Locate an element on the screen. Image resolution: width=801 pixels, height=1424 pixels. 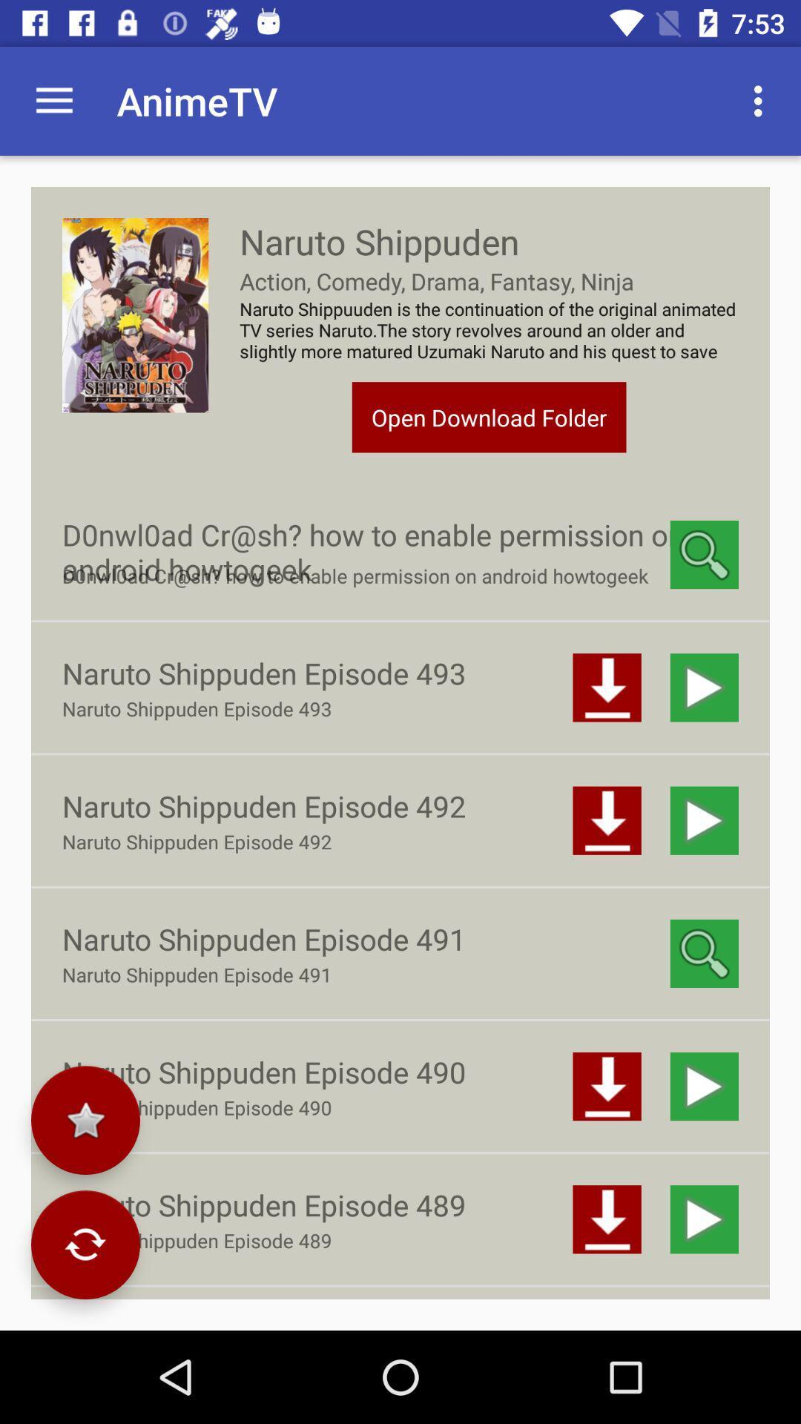
item above naruto shippuuden is is located at coordinates (762, 100).